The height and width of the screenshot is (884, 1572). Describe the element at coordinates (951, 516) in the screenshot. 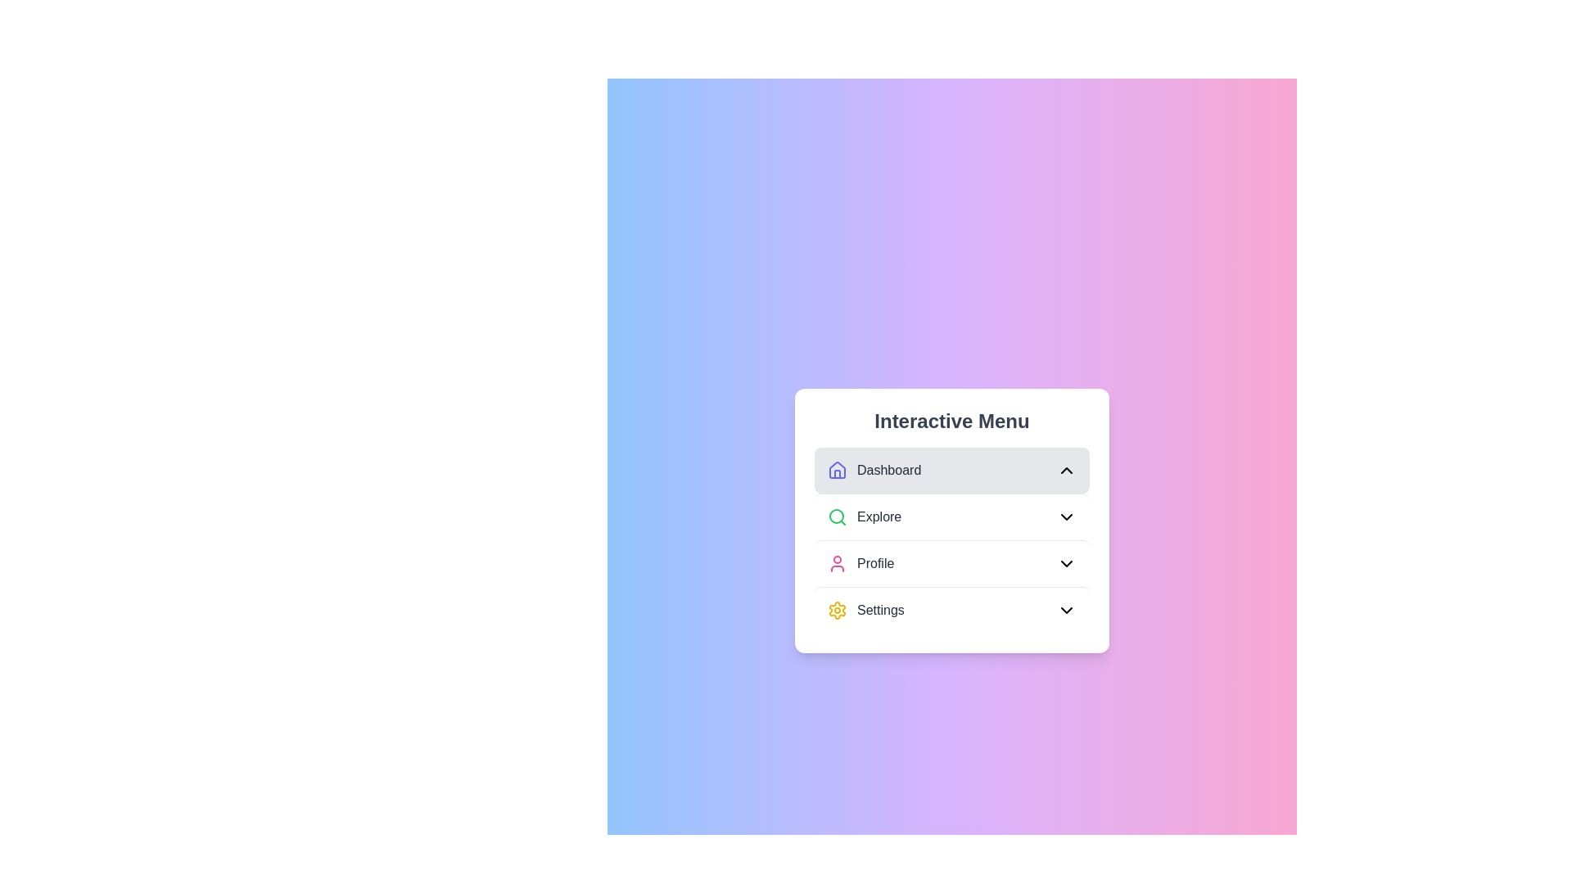

I see `the menu item Explore to activate it` at that location.